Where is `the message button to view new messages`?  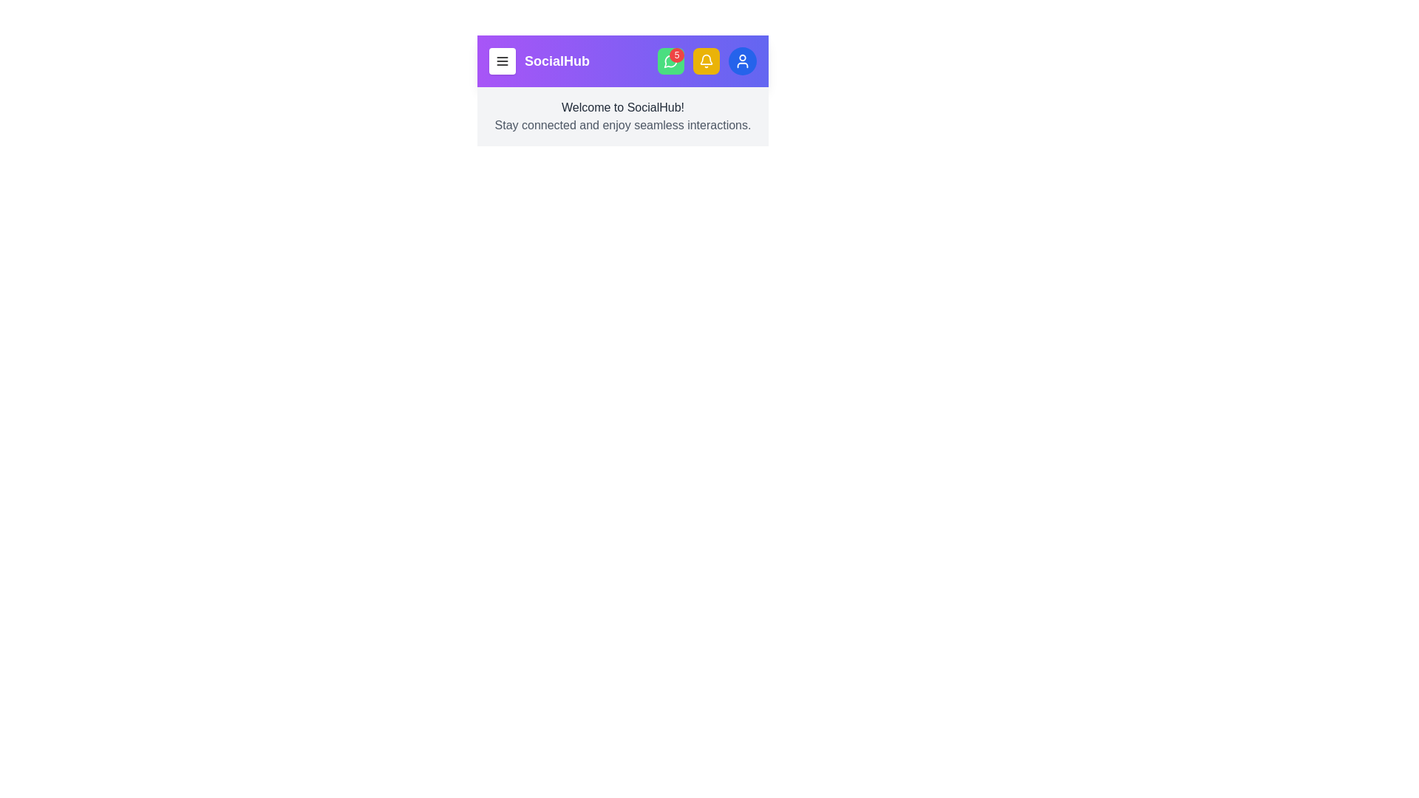
the message button to view new messages is located at coordinates (670, 61).